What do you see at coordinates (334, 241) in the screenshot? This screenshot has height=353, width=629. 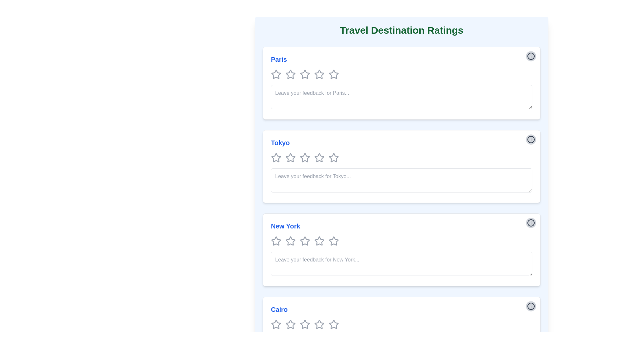 I see `the highlighted star icon in the horizontal row of rating stars under the 'New York' section` at bounding box center [334, 241].